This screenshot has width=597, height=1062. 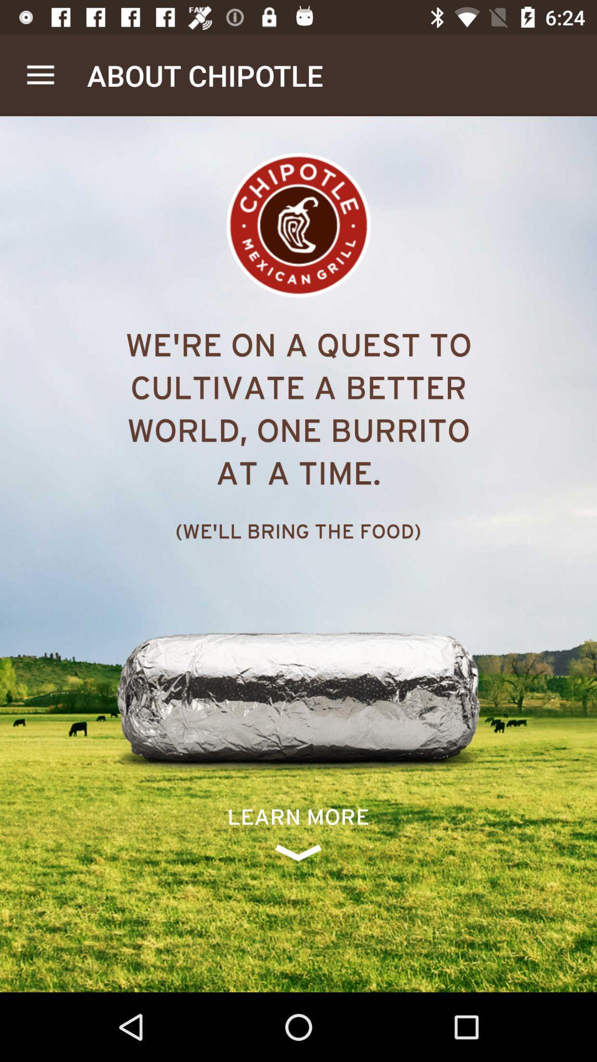 What do you see at coordinates (297, 832) in the screenshot?
I see `icon below the we ll bring icon` at bounding box center [297, 832].